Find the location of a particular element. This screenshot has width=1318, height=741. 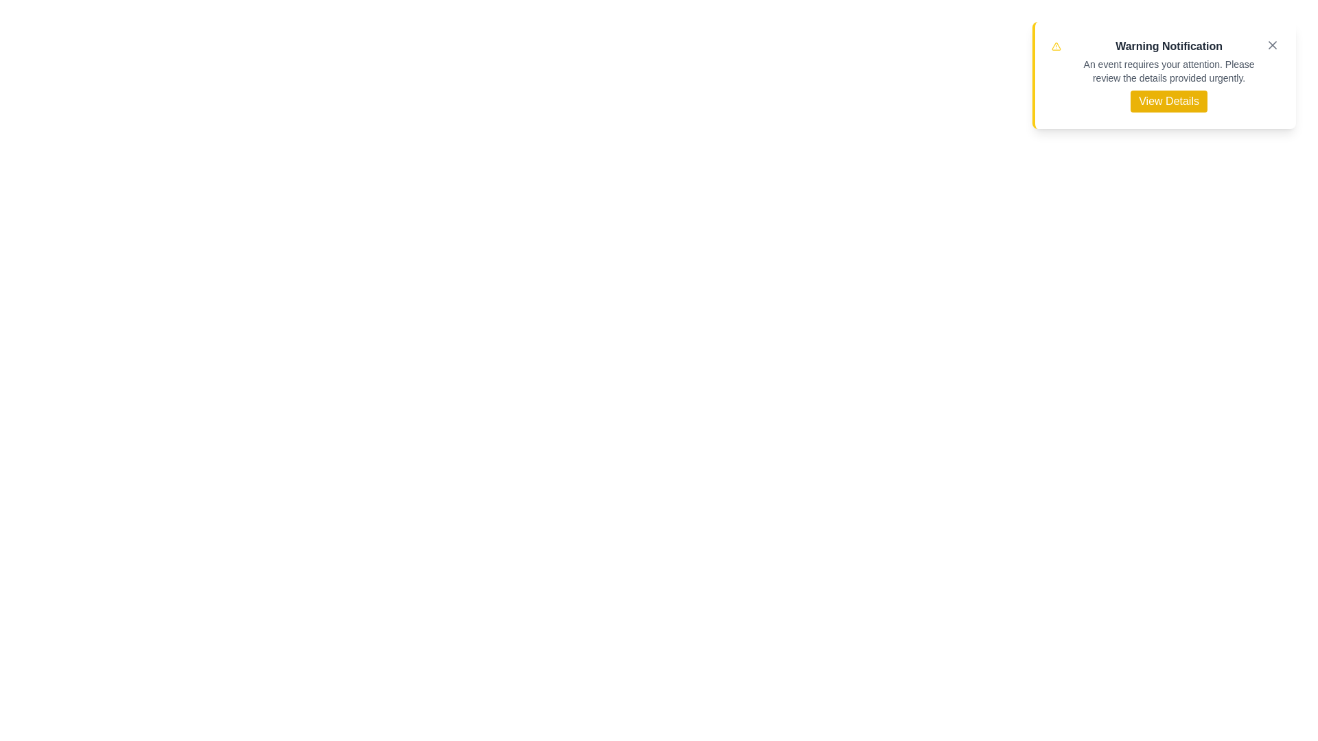

the warning icon to interact with it is located at coordinates (1056, 46).